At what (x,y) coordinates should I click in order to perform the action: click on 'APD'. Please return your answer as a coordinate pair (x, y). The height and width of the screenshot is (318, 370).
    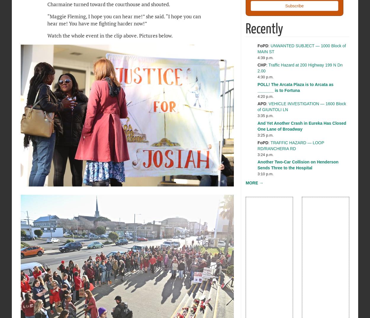
    Looking at the image, I should click on (262, 103).